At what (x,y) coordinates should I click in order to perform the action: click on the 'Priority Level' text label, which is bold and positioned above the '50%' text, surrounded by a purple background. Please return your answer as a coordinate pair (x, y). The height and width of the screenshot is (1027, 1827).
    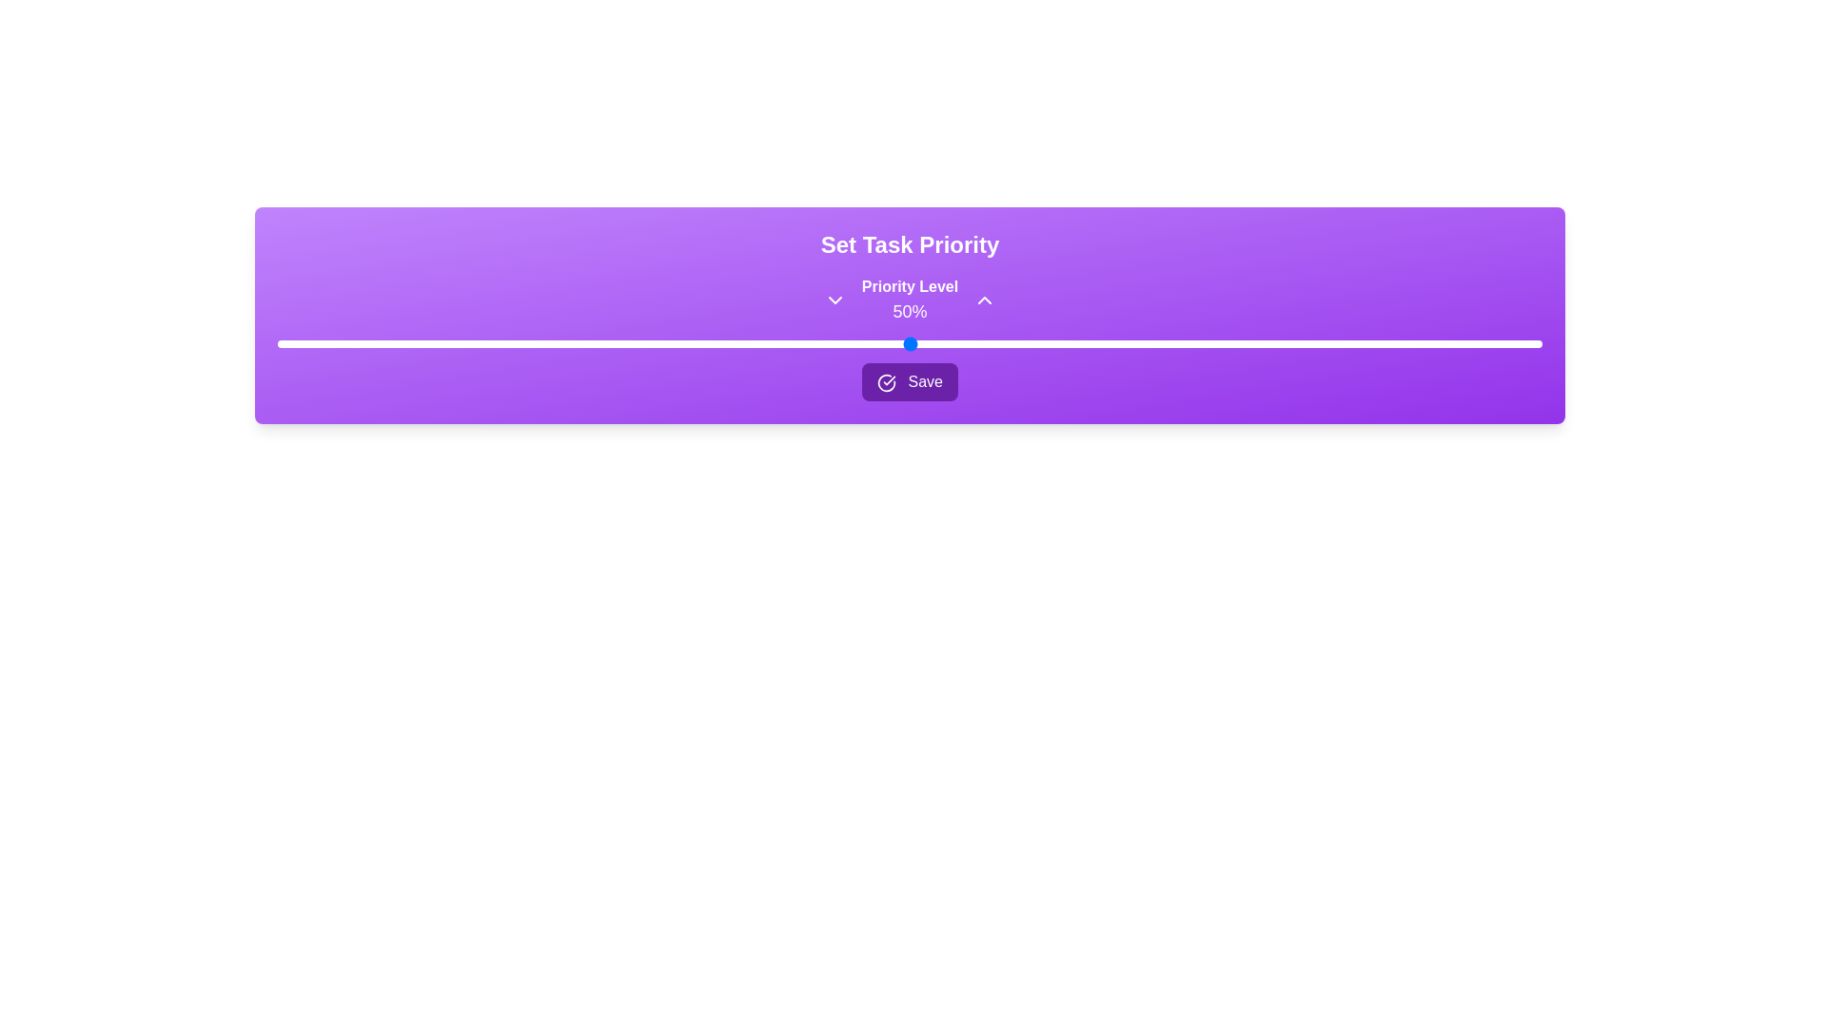
    Looking at the image, I should click on (909, 286).